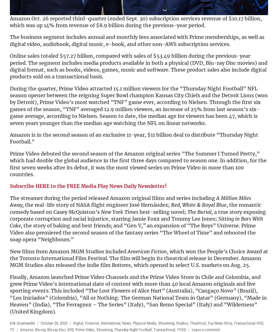 The width and height of the screenshot is (278, 332). Describe the element at coordinates (198, 323) in the screenshot. I see `'Theatrical'` at that location.